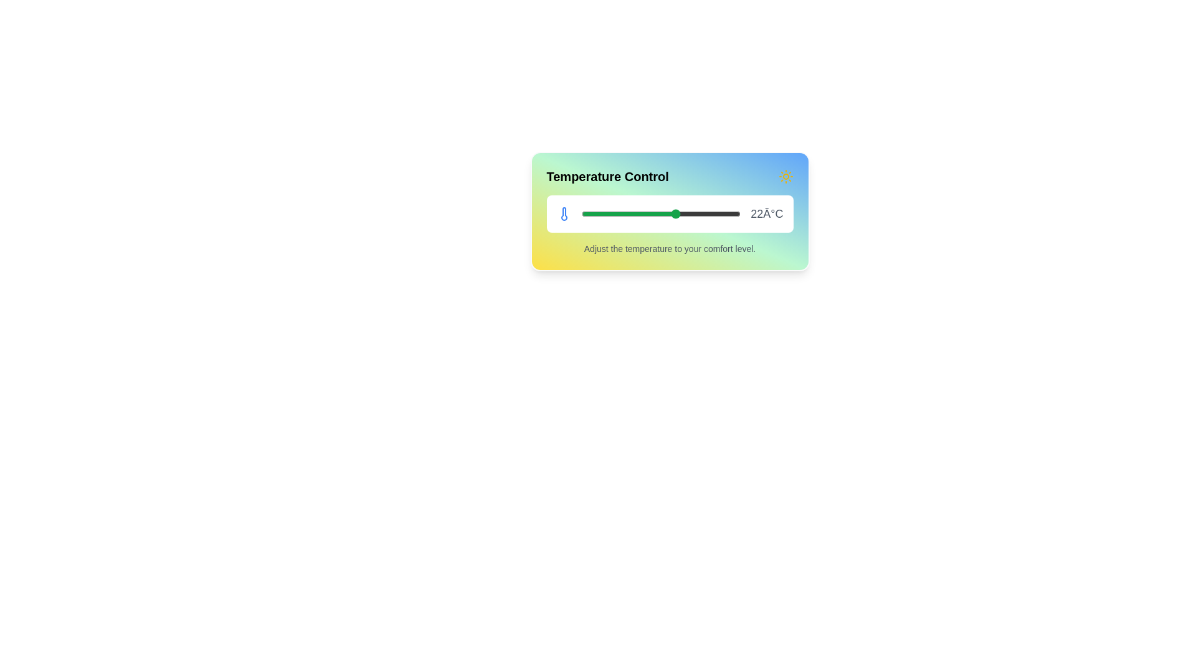 This screenshot has height=672, width=1196. I want to click on the sun icon in the top-right corner of the 'Temperature Control' card, which is represented by a yellow circular sun graphic with radiating rays on a light blue background, so click(785, 177).